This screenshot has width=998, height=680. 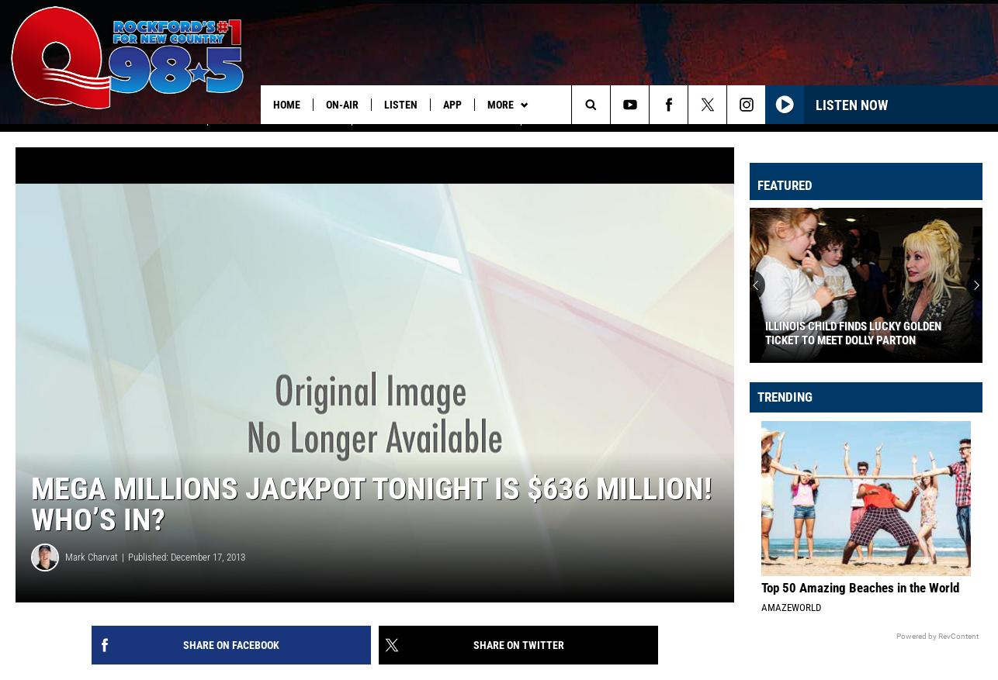 I want to click on 'See Taylor Swift in Paris', so click(x=134, y=136).